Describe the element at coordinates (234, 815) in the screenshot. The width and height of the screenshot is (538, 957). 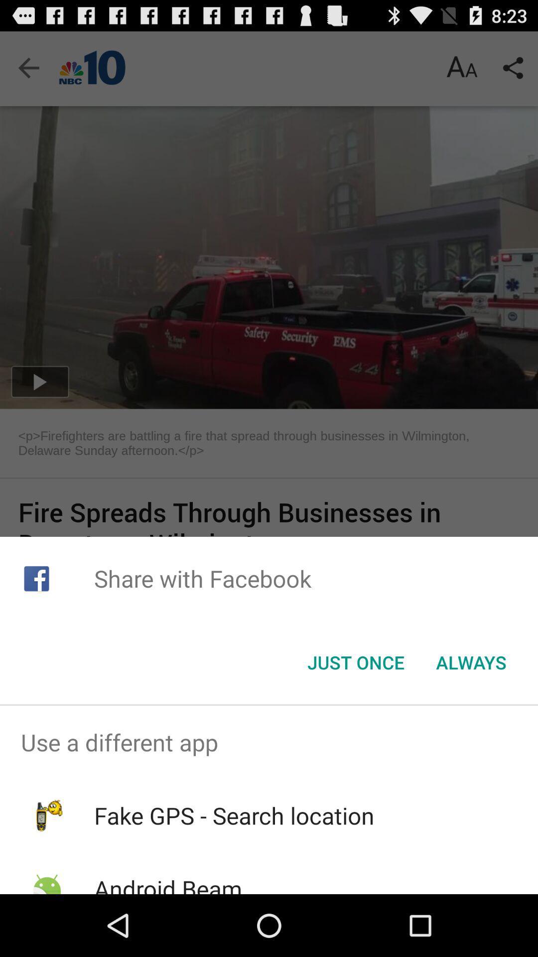
I see `the item above the android beam icon` at that location.